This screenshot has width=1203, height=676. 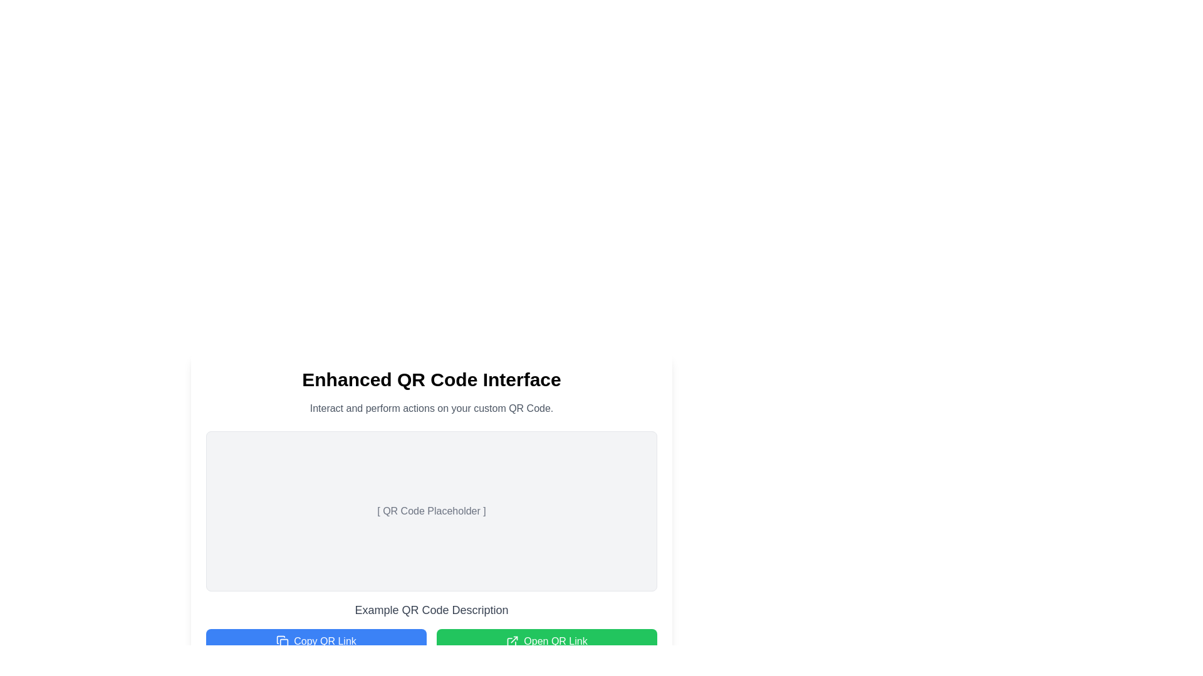 I want to click on the blue button labeled 'Copy QR Link' to trigger its hover effect, which slightly changes its blue shade, so click(x=316, y=642).